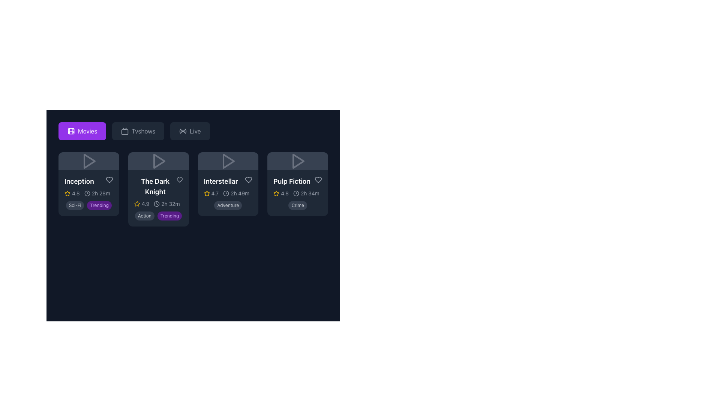  I want to click on the star icon indicating a rating located in the upper-left portion of the fourth movie card titled 'Pulp Fiction', so click(276, 193).